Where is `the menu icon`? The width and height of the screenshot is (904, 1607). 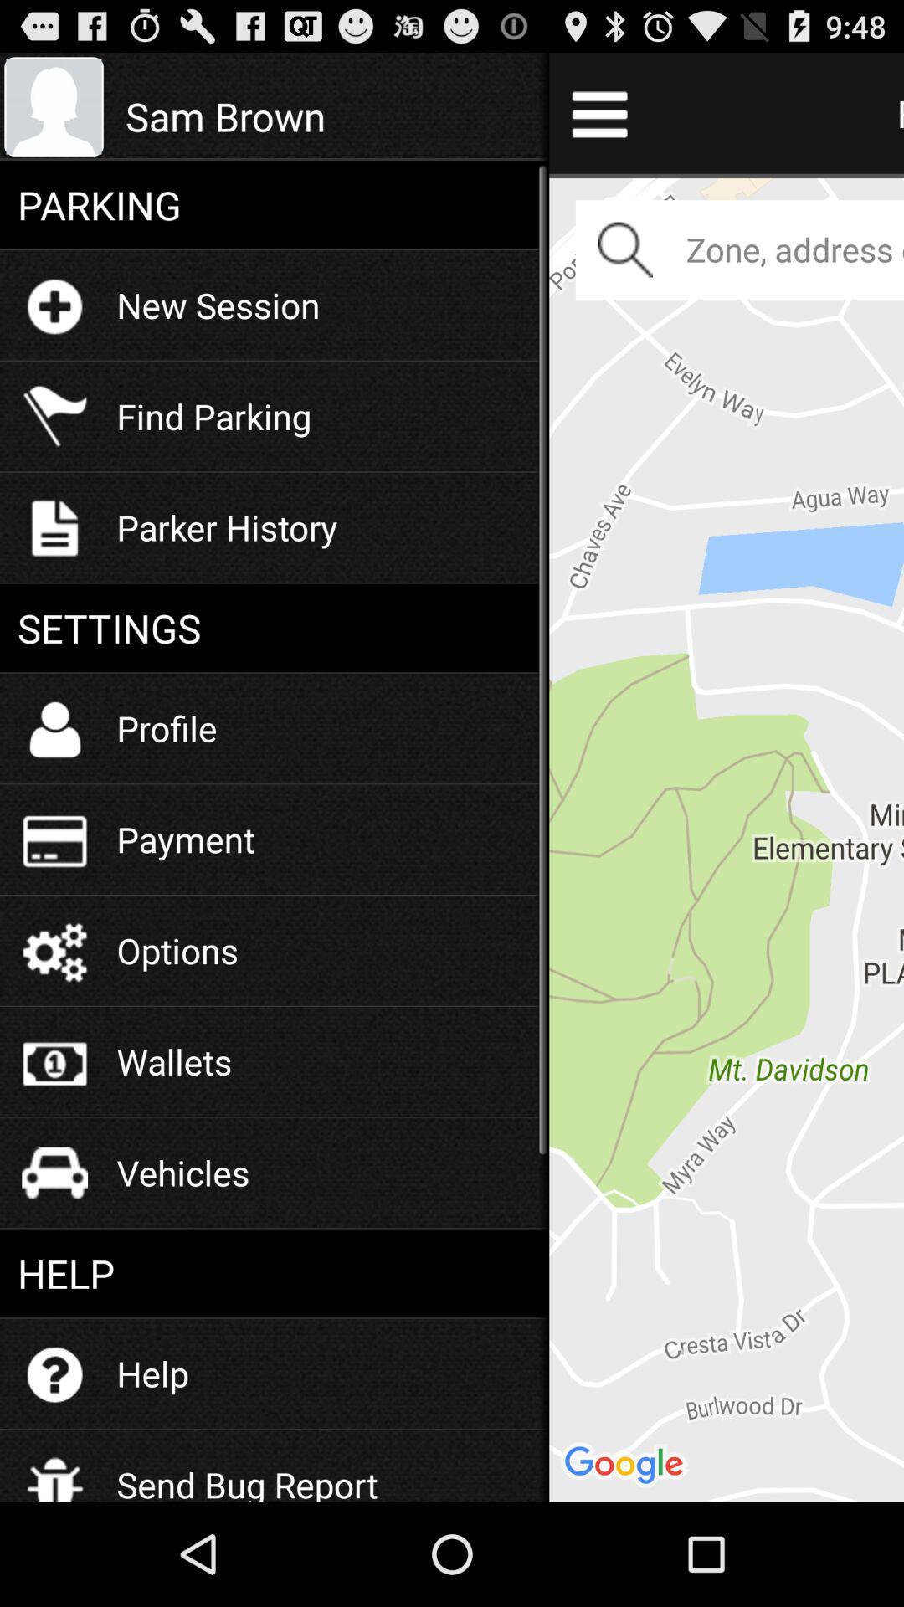
the menu icon is located at coordinates (598, 120).